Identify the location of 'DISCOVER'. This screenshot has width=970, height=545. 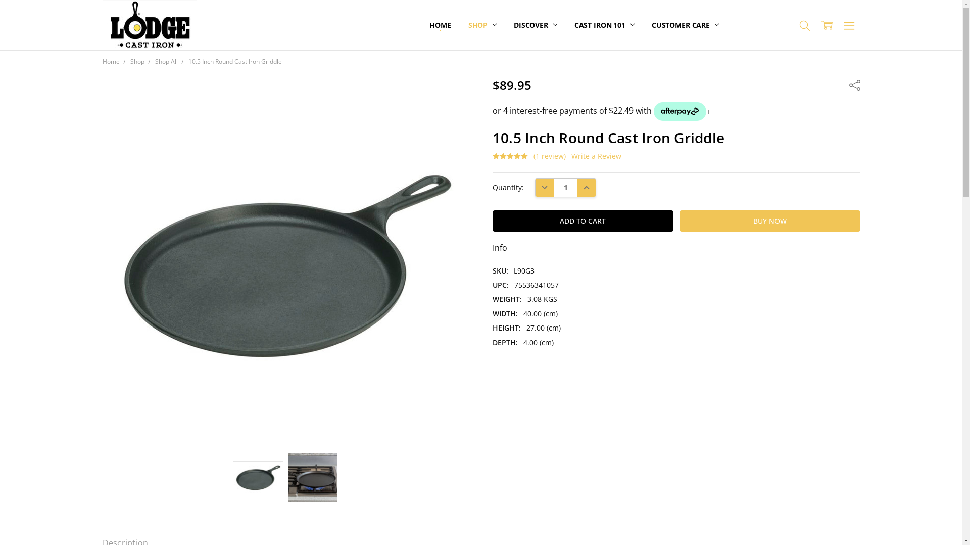
(535, 24).